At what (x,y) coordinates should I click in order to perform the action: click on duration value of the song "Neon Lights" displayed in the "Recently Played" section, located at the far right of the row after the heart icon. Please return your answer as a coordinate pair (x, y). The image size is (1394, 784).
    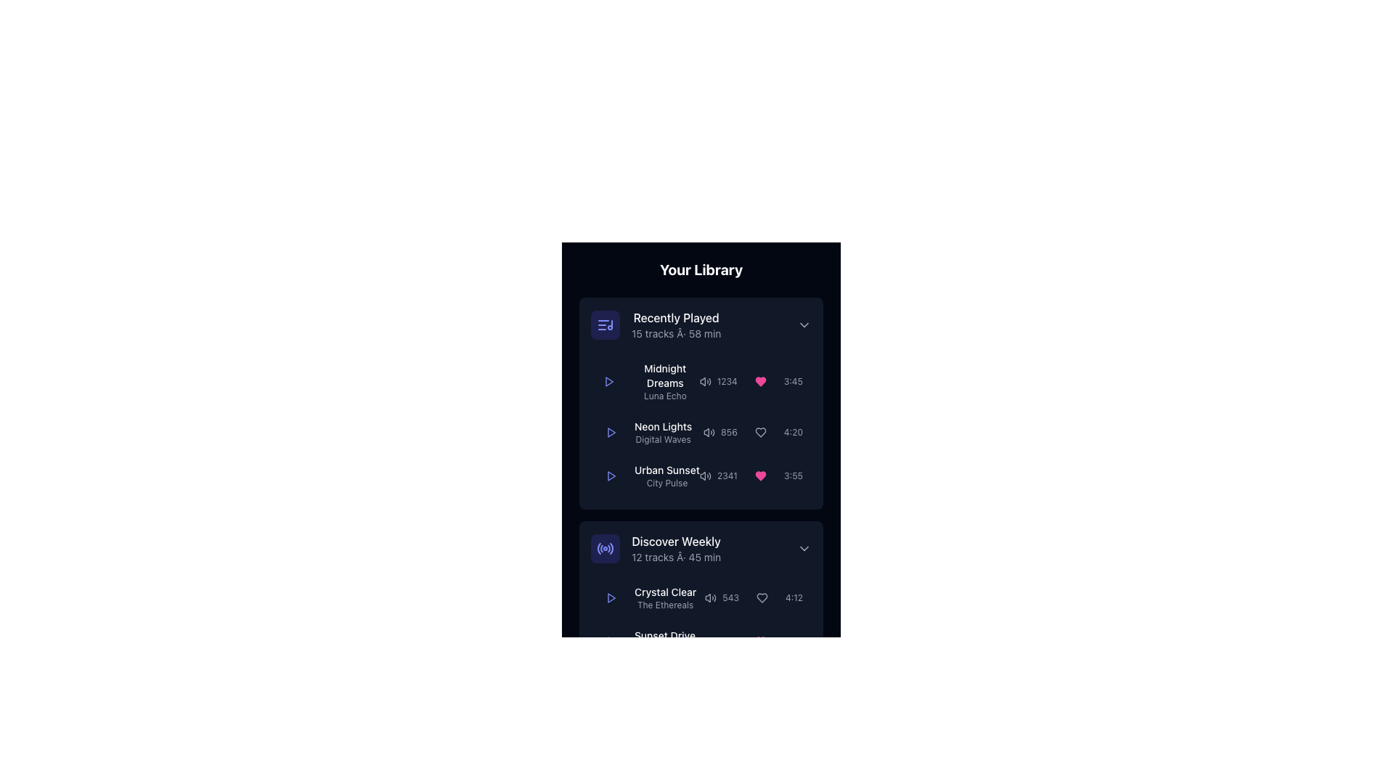
    Looking at the image, I should click on (792, 432).